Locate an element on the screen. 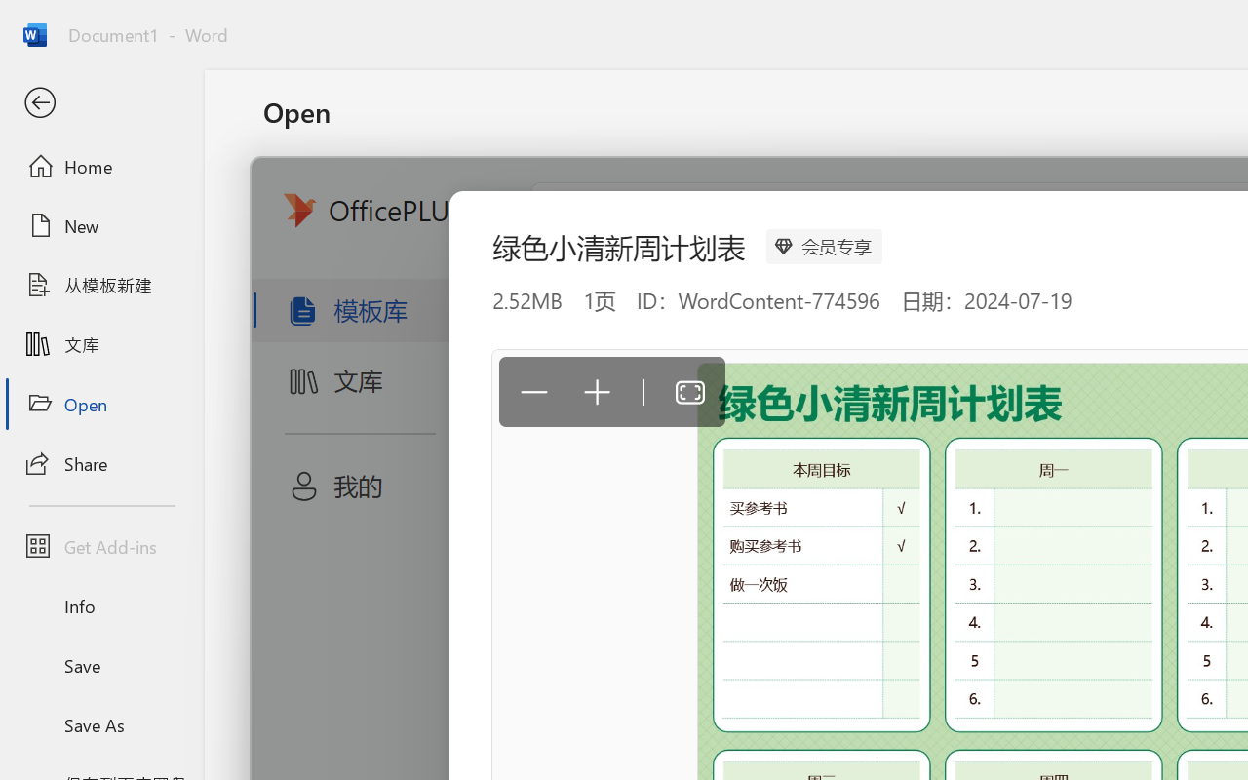 Image resolution: width=1248 pixels, height=780 pixels. 'Back' is located at coordinates (100, 102).